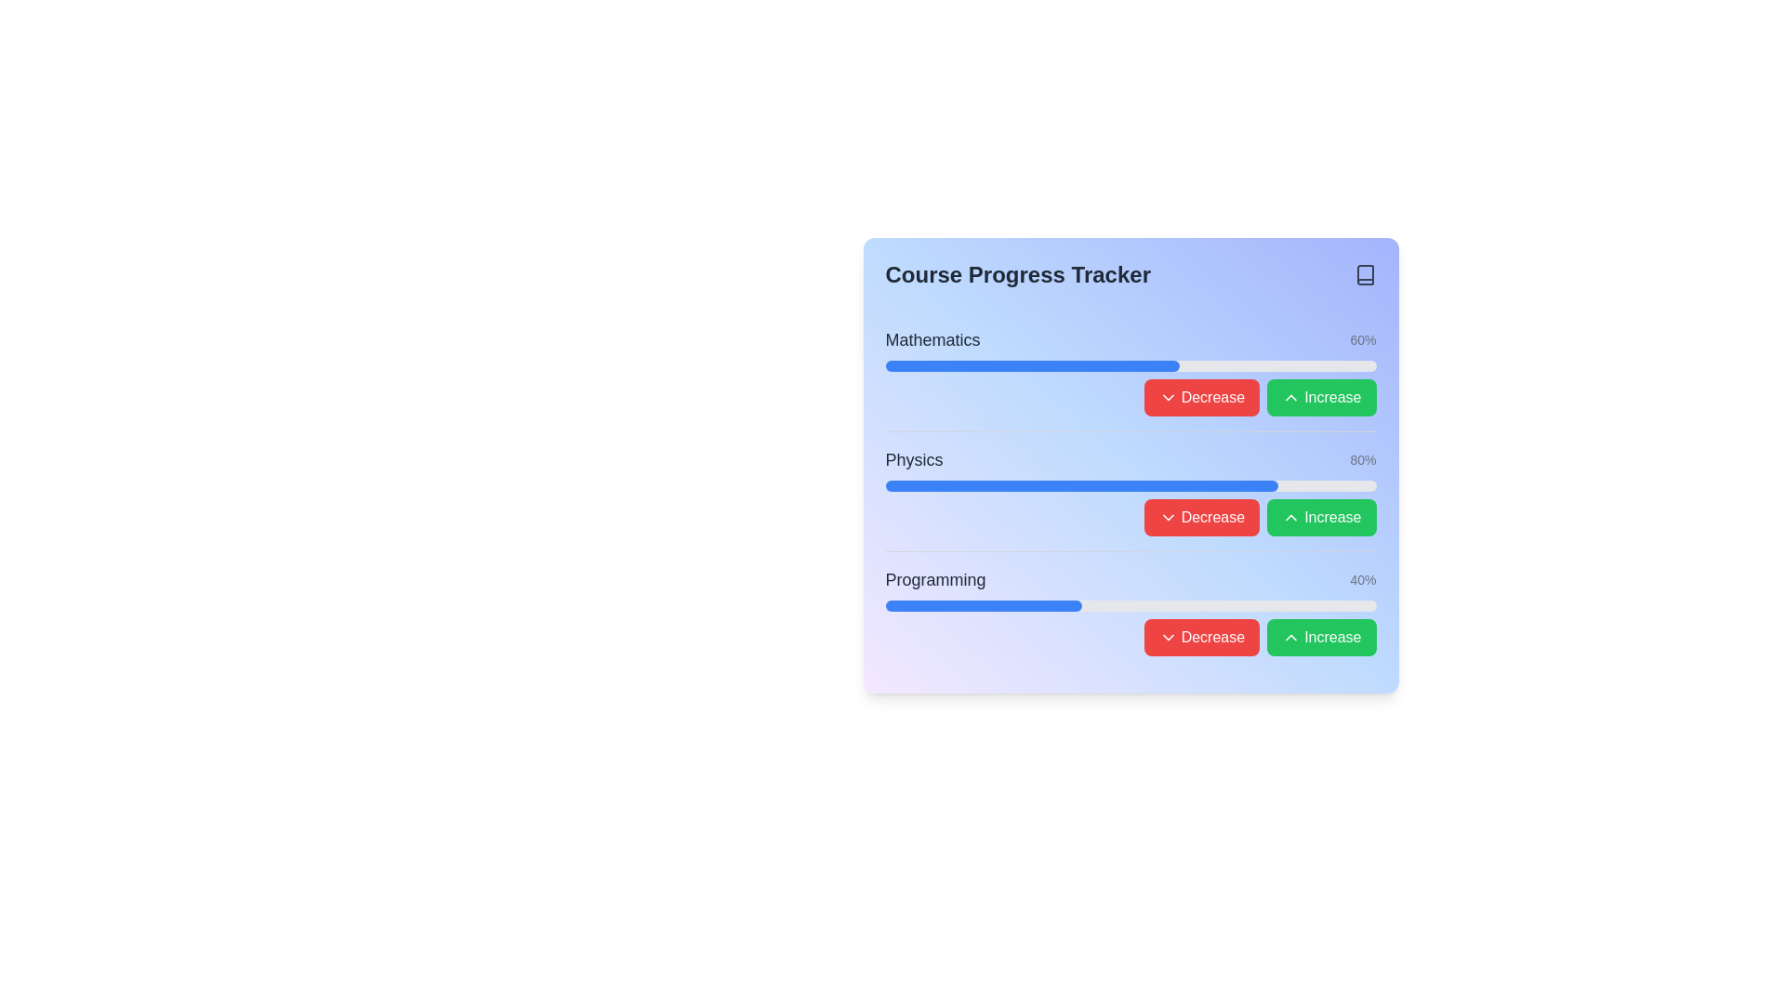  What do you see at coordinates (1201, 397) in the screenshot?
I see `the decrease button located to the left of the 'Increase' button in the 'Mathematics' task group` at bounding box center [1201, 397].